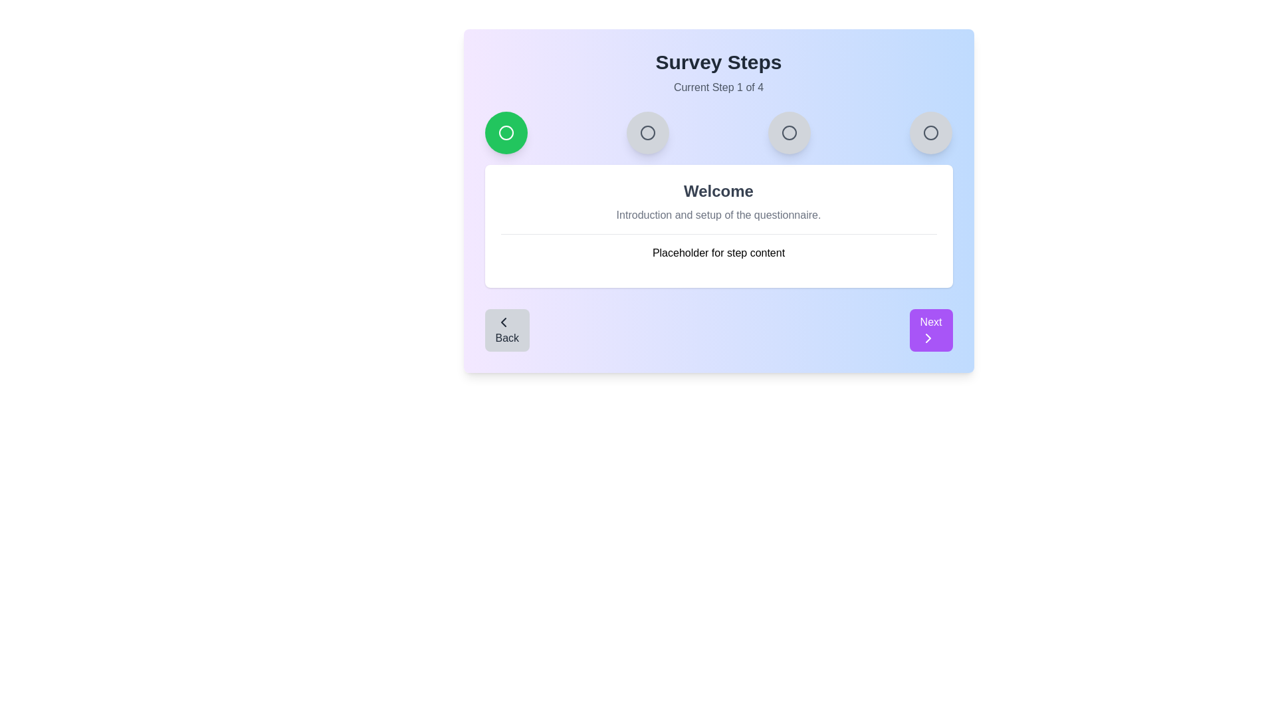 The height and width of the screenshot is (718, 1276). What do you see at coordinates (505, 133) in the screenshot?
I see `the SVG Circle Element, which is the center of a green circle representing the first step indicator in a multi-step process` at bounding box center [505, 133].